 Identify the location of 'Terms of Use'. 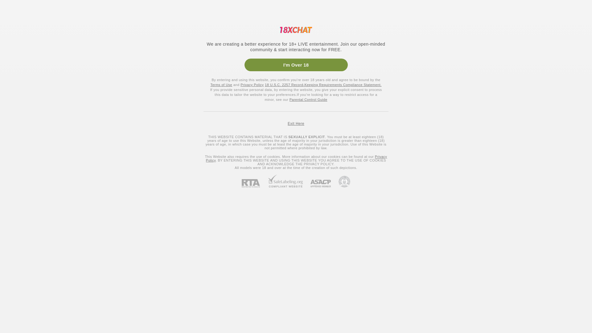
(221, 84).